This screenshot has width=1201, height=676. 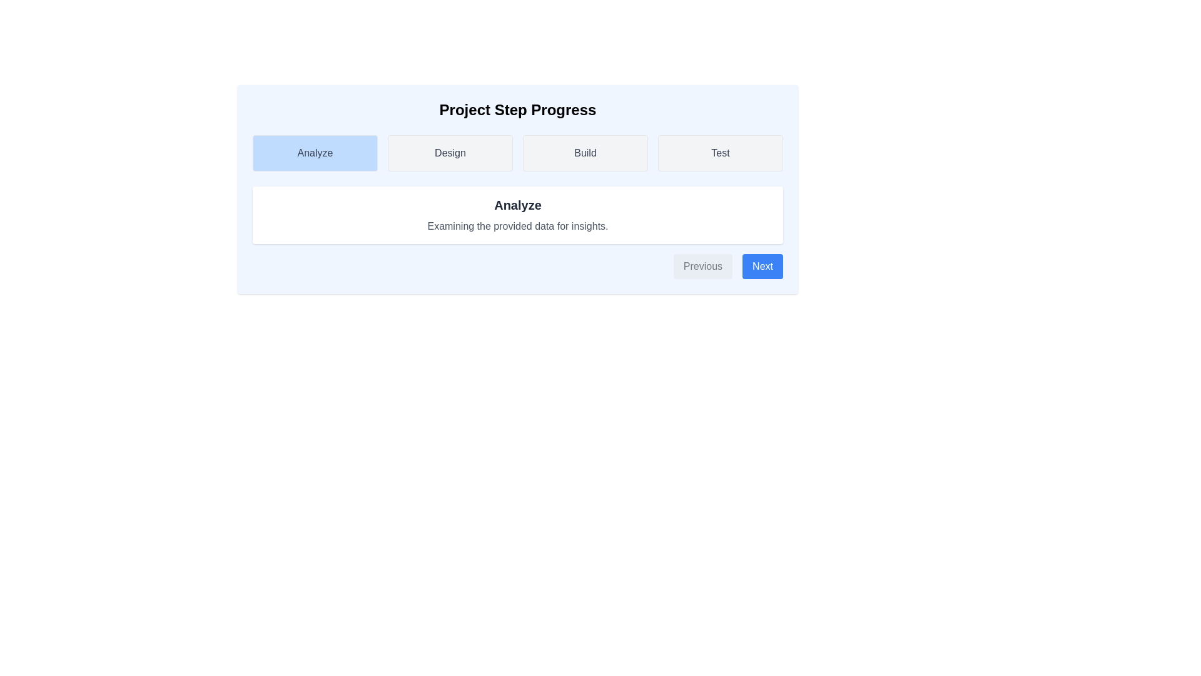 What do you see at coordinates (585, 153) in the screenshot?
I see `the 'Build' button, which is the third button in a sequence of four buttons labeled 'Analyze', 'Design', 'Build', and 'Test', located directly under the header 'Project Step Progress'` at bounding box center [585, 153].